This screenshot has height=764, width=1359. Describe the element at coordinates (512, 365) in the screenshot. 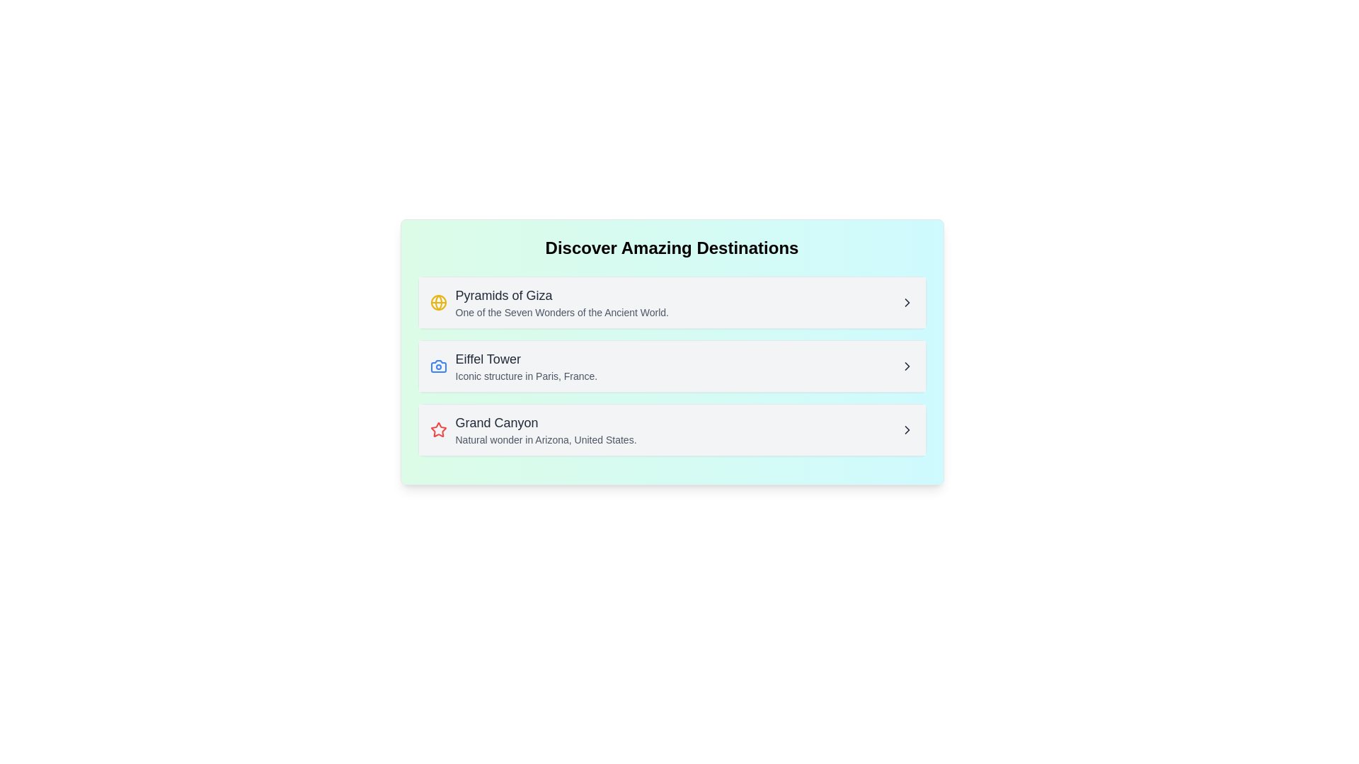

I see `the second list item displaying information about the Eiffel Tower` at that location.